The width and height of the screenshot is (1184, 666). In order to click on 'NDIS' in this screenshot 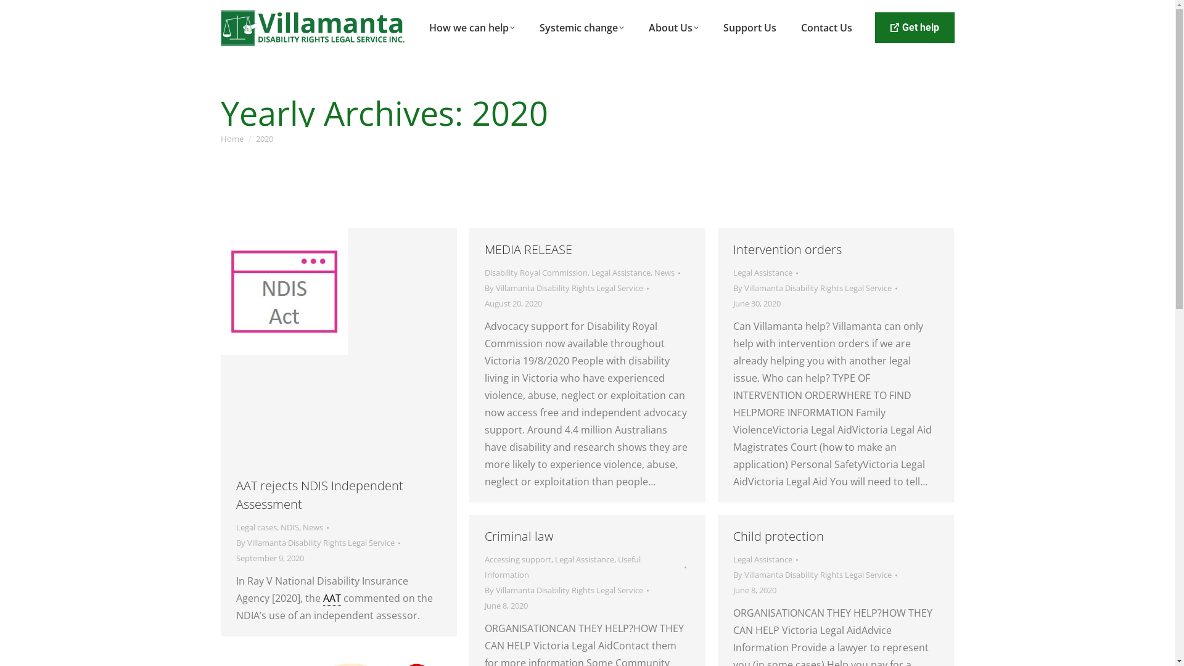, I will do `click(289, 527)`.